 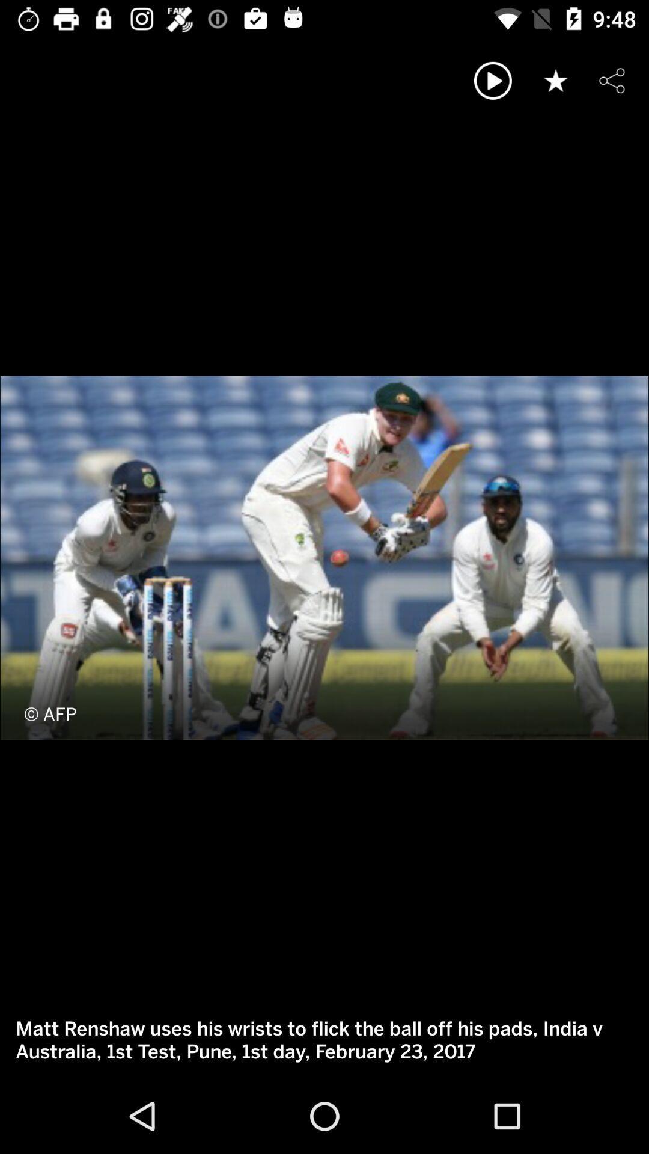 I want to click on the share icon, so click(x=612, y=80).